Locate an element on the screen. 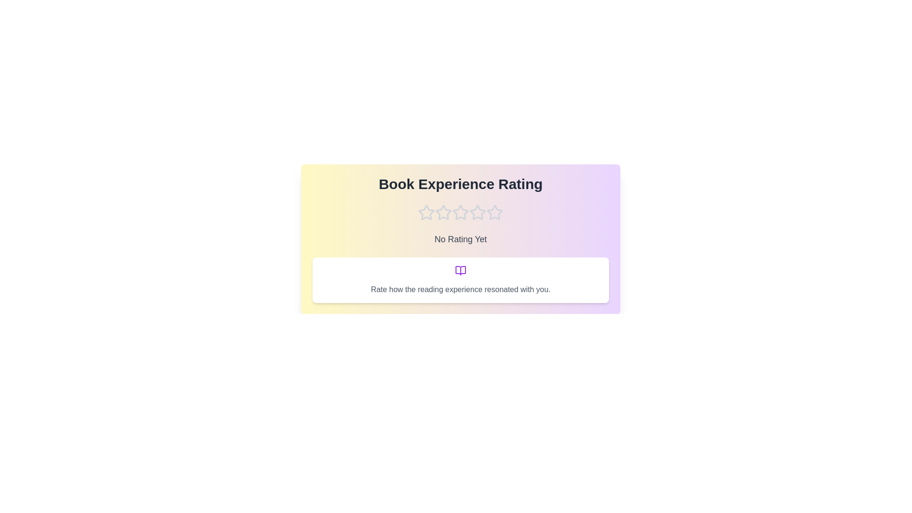 This screenshot has width=912, height=513. the star corresponding to 1 stars to preview the rating description is located at coordinates (426, 212).